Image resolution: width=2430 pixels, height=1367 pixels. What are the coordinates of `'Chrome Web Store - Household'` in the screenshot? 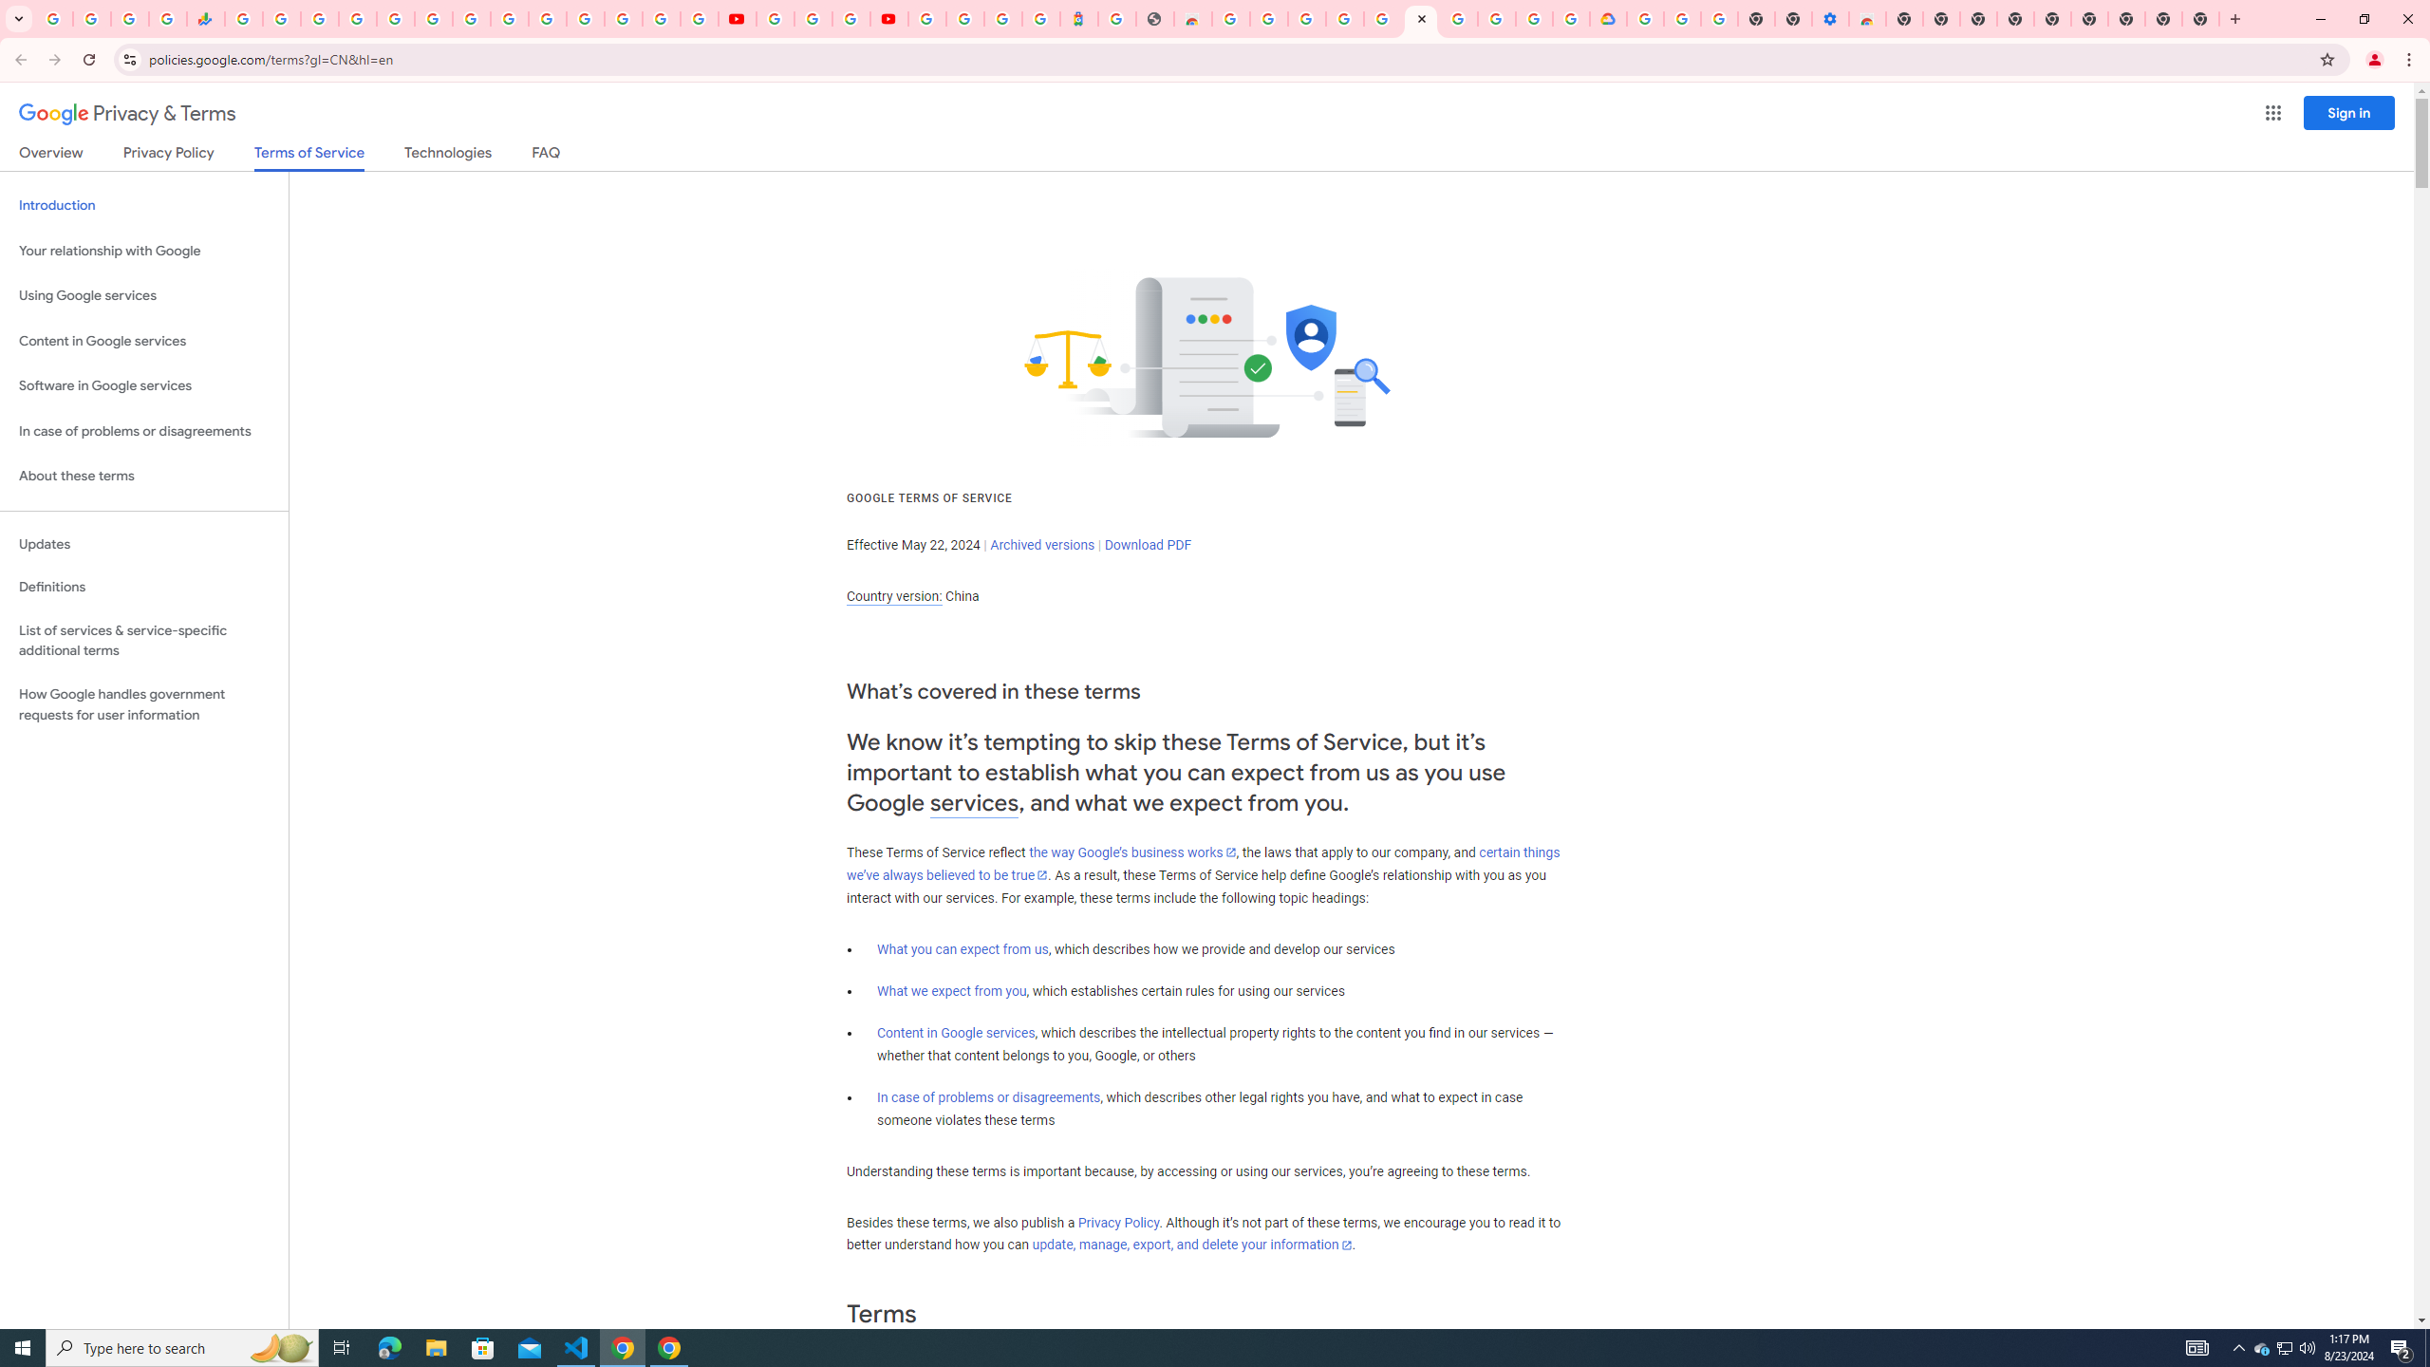 It's located at (1191, 18).